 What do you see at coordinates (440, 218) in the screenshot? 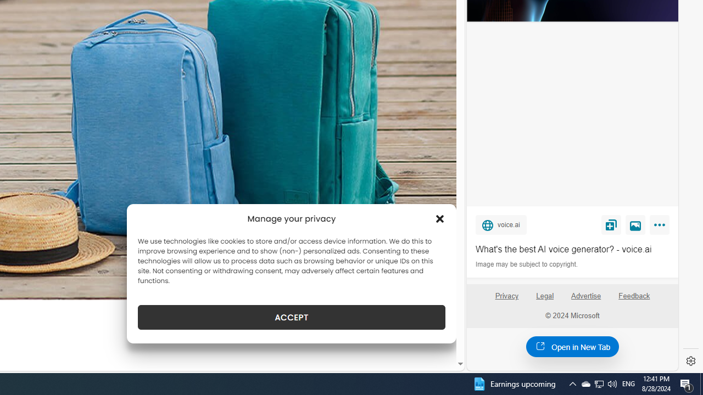
I see `'Class: cmplz-close'` at bounding box center [440, 218].